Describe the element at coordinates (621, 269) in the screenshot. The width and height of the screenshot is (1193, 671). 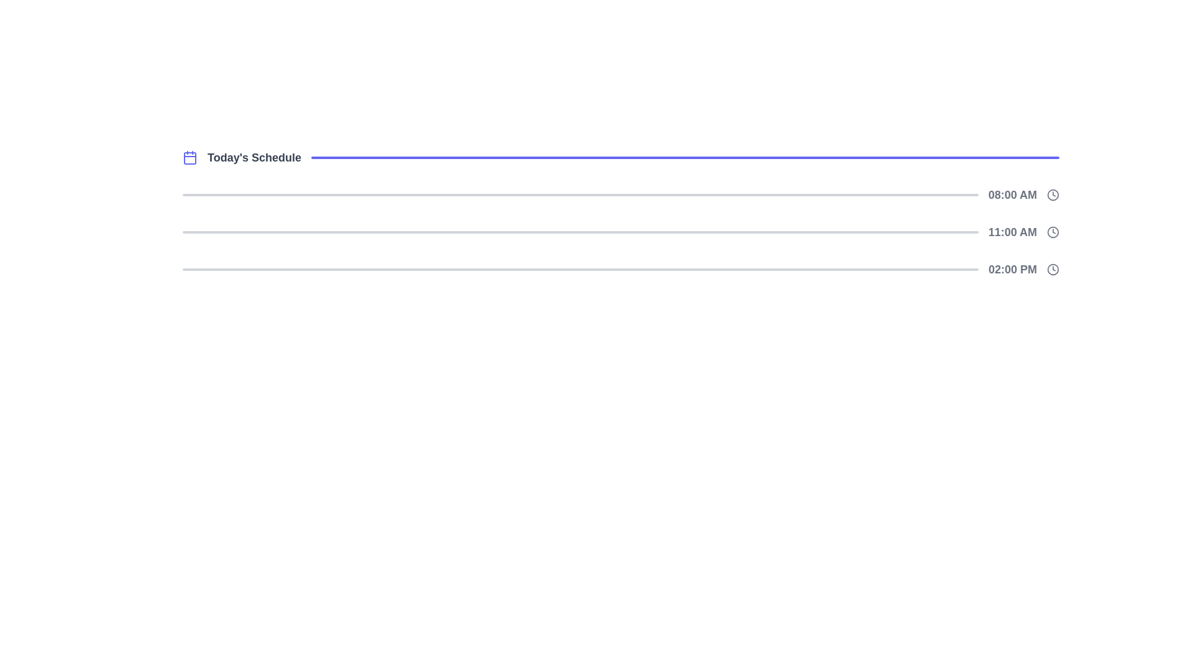
I see `time label of the third schedule entry under 'Today's Schedule', which follows '11:00 AM'` at that location.